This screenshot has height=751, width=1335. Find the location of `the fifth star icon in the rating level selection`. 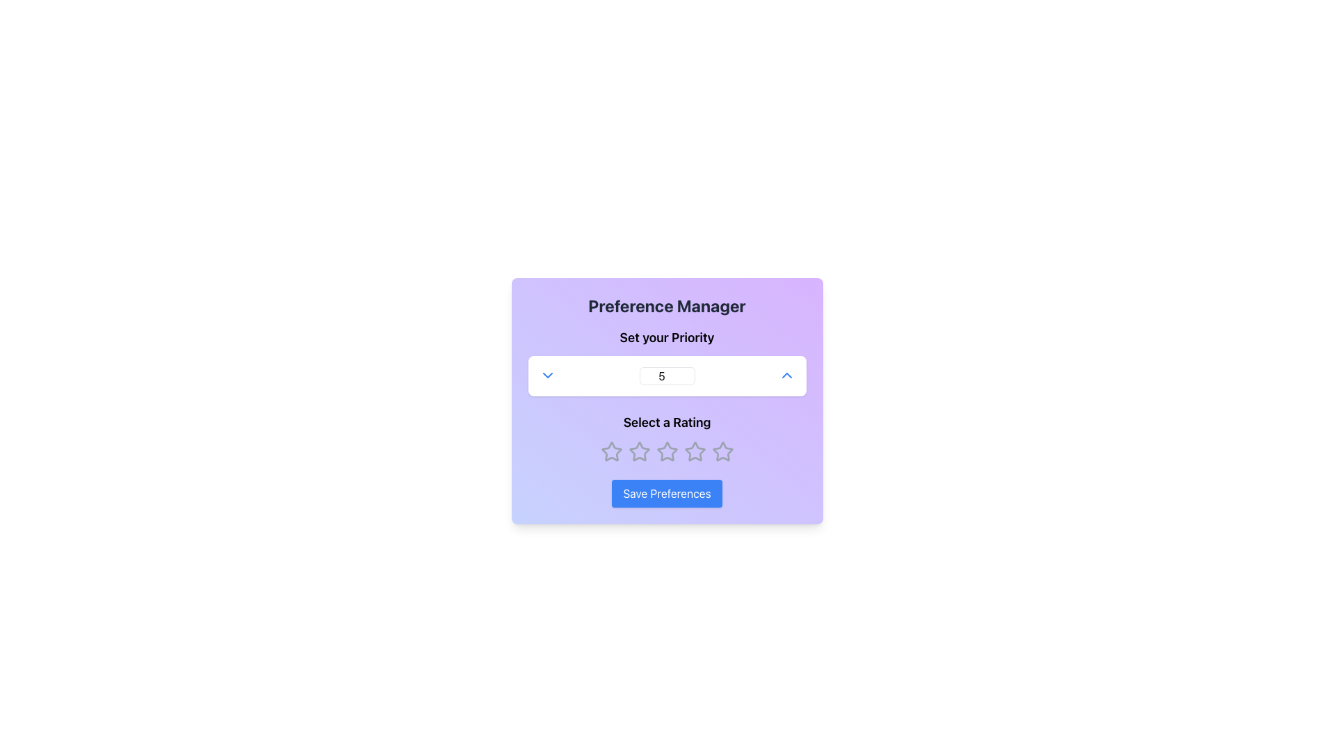

the fifth star icon in the rating level selection is located at coordinates (722, 451).